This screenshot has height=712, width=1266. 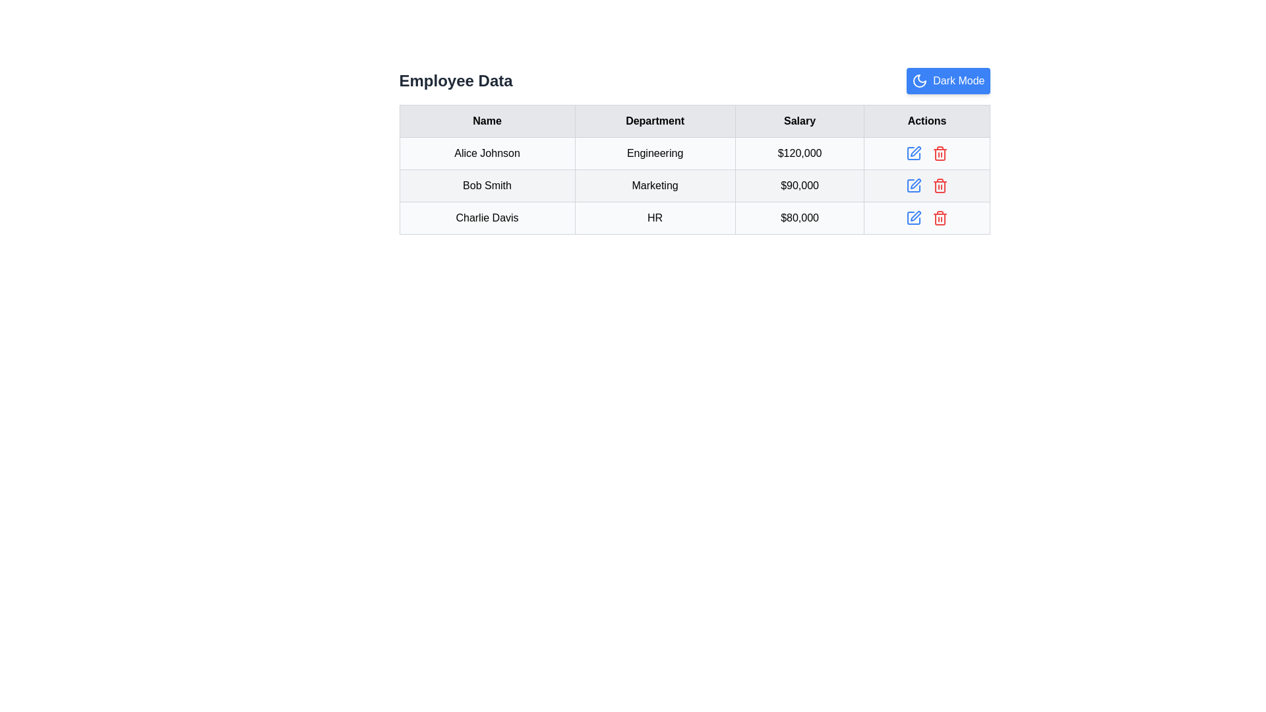 What do you see at coordinates (926, 218) in the screenshot?
I see `the delete button in the actions column for the record belonging to Charlie Davis, which is the third row from the top in the table` at bounding box center [926, 218].